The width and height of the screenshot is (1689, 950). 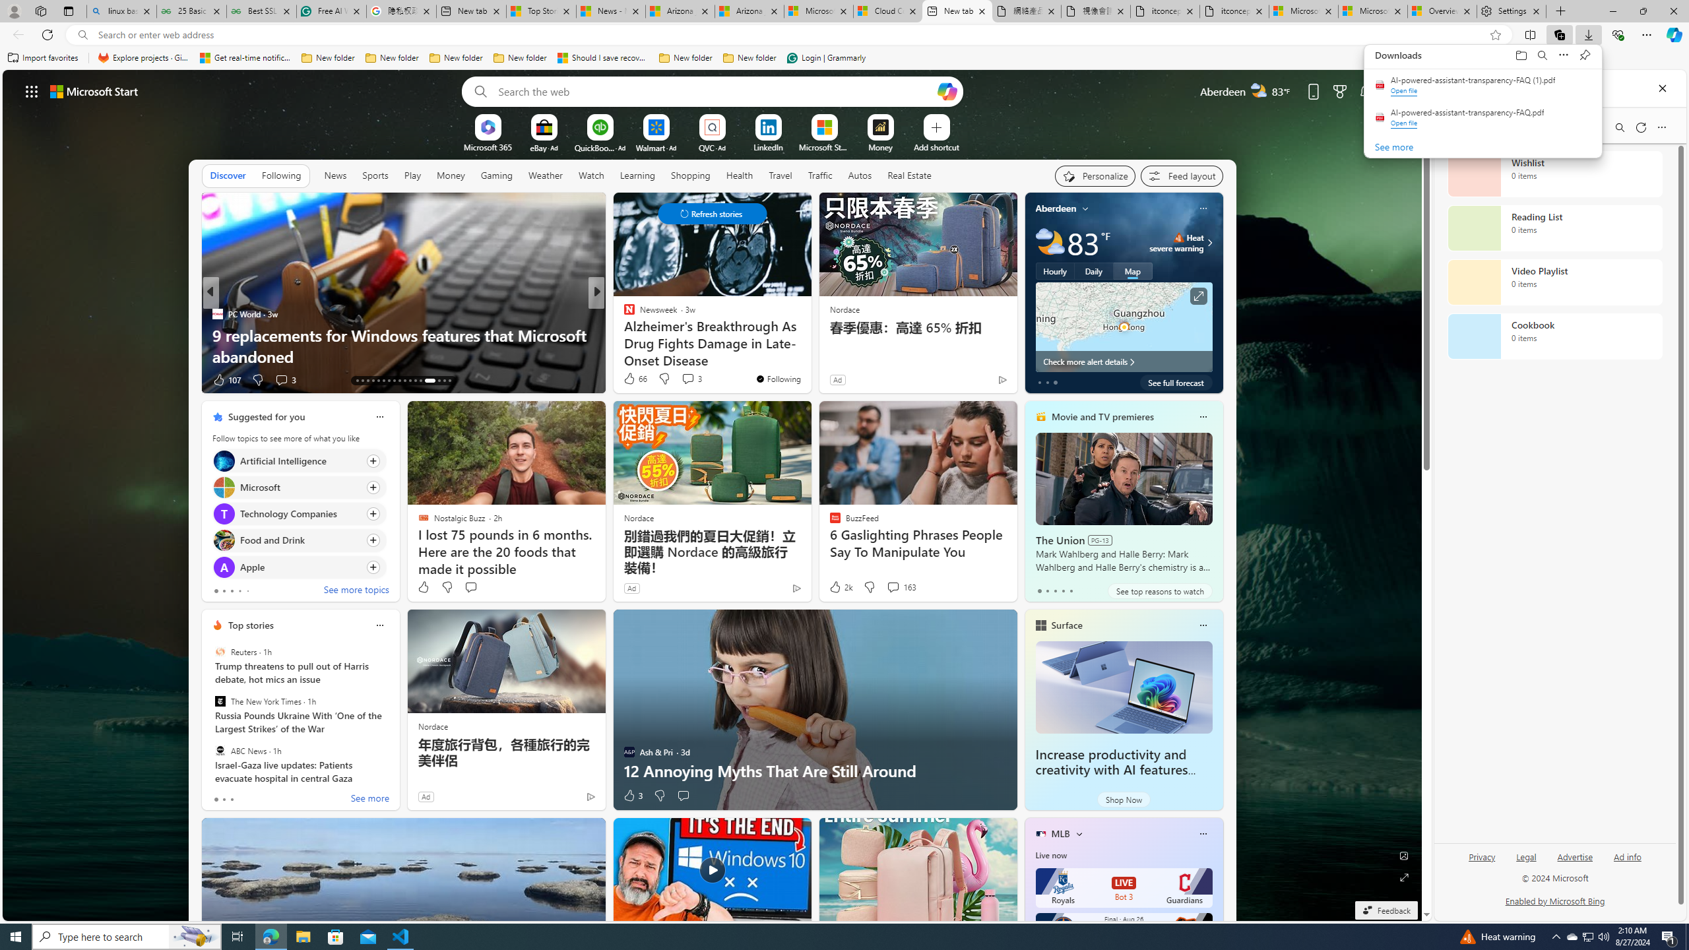 I want to click on 'Map', so click(x=1132, y=270).